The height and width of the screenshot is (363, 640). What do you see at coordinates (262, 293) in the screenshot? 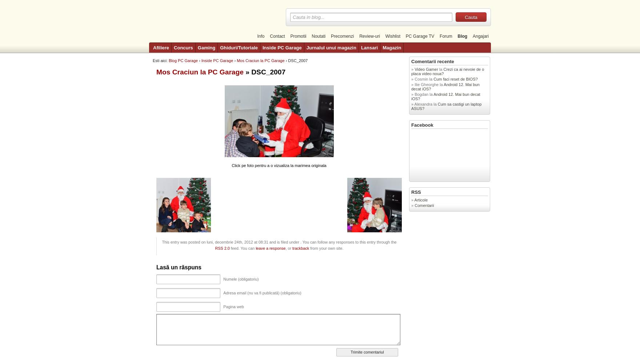
I see `'Adresa email (nu va fi publicată) (obligatoriu)'` at bounding box center [262, 293].